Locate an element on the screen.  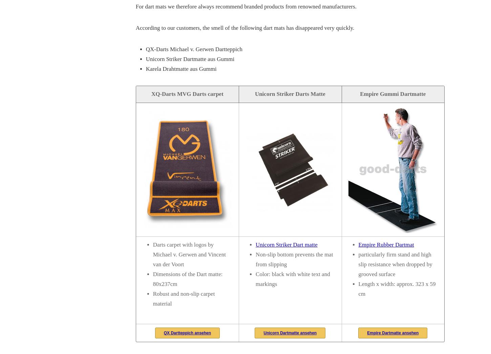
'Unicorn Striker Darts Matte' is located at coordinates (254, 93).